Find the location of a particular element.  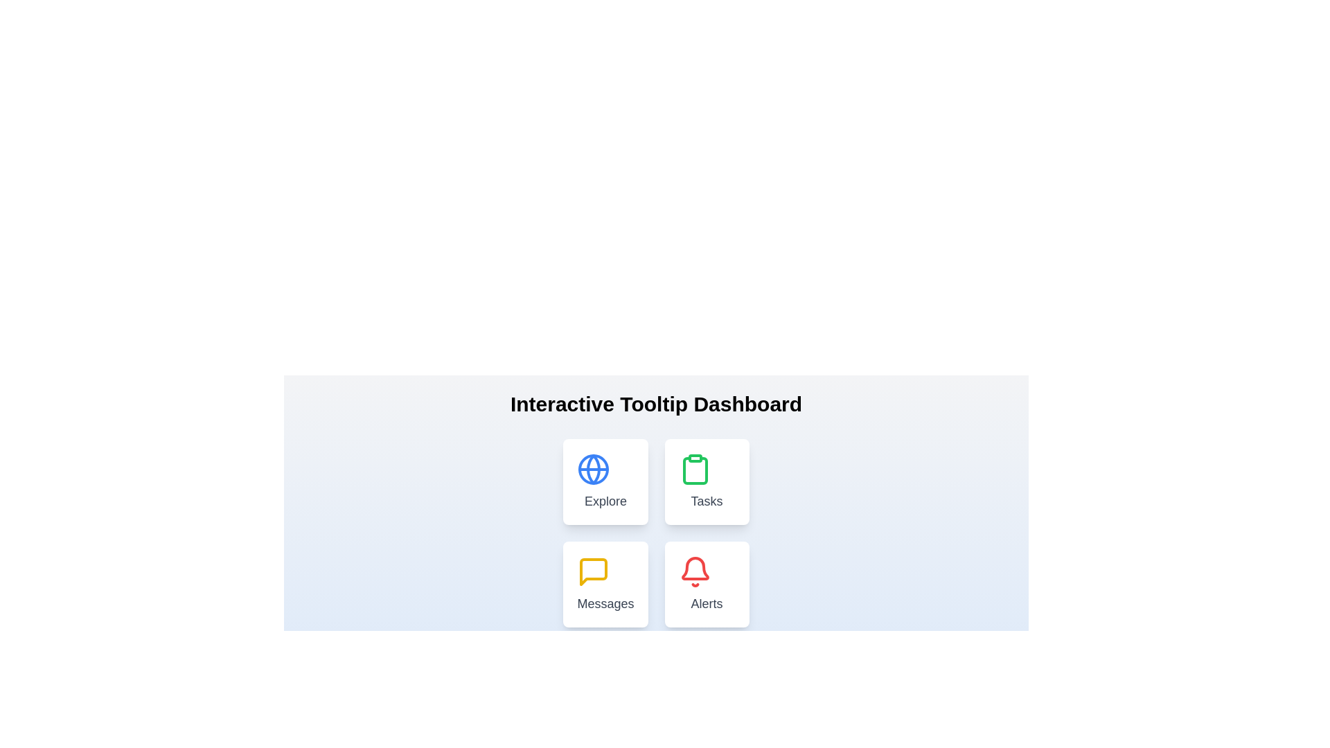

the bell icon representing notifications located at the top of the 'Alerts' card in the bottom-right of the dashboard is located at coordinates (695, 571).